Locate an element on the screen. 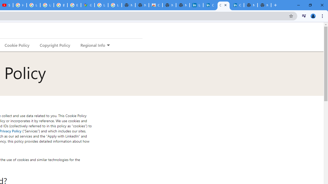 Image resolution: width=328 pixels, height=184 pixels. 'Copyright Policy' is located at coordinates (55, 45).